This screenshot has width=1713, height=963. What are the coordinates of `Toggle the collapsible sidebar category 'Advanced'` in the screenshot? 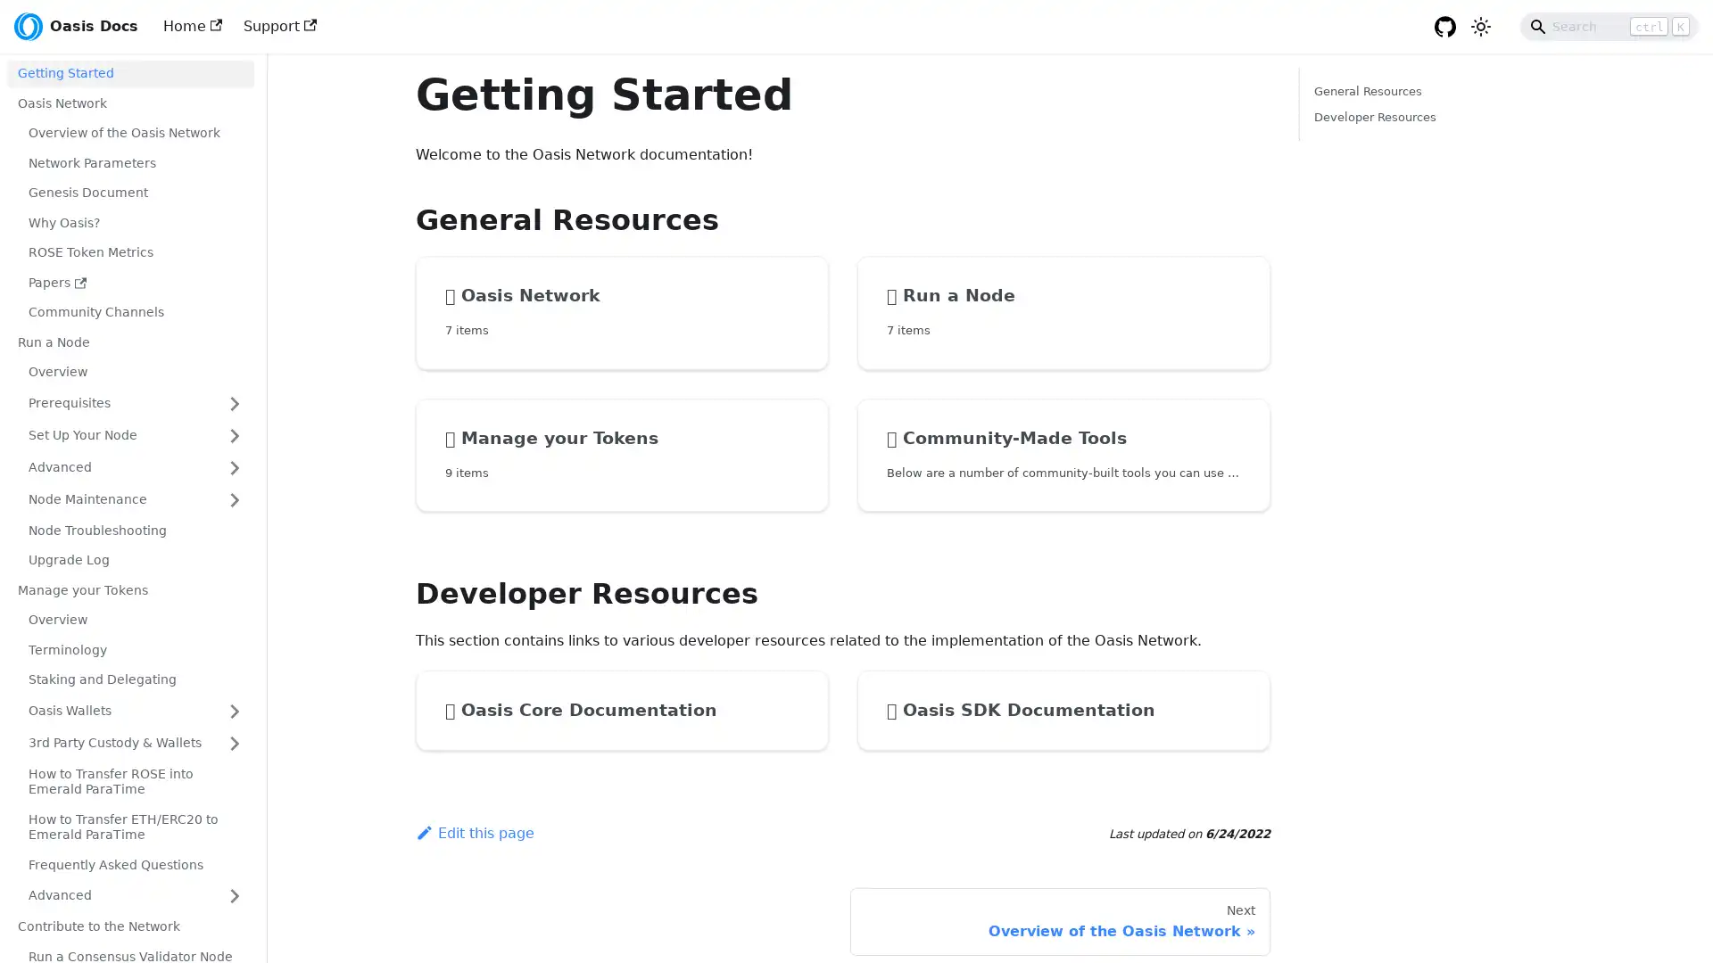 It's located at (234, 896).